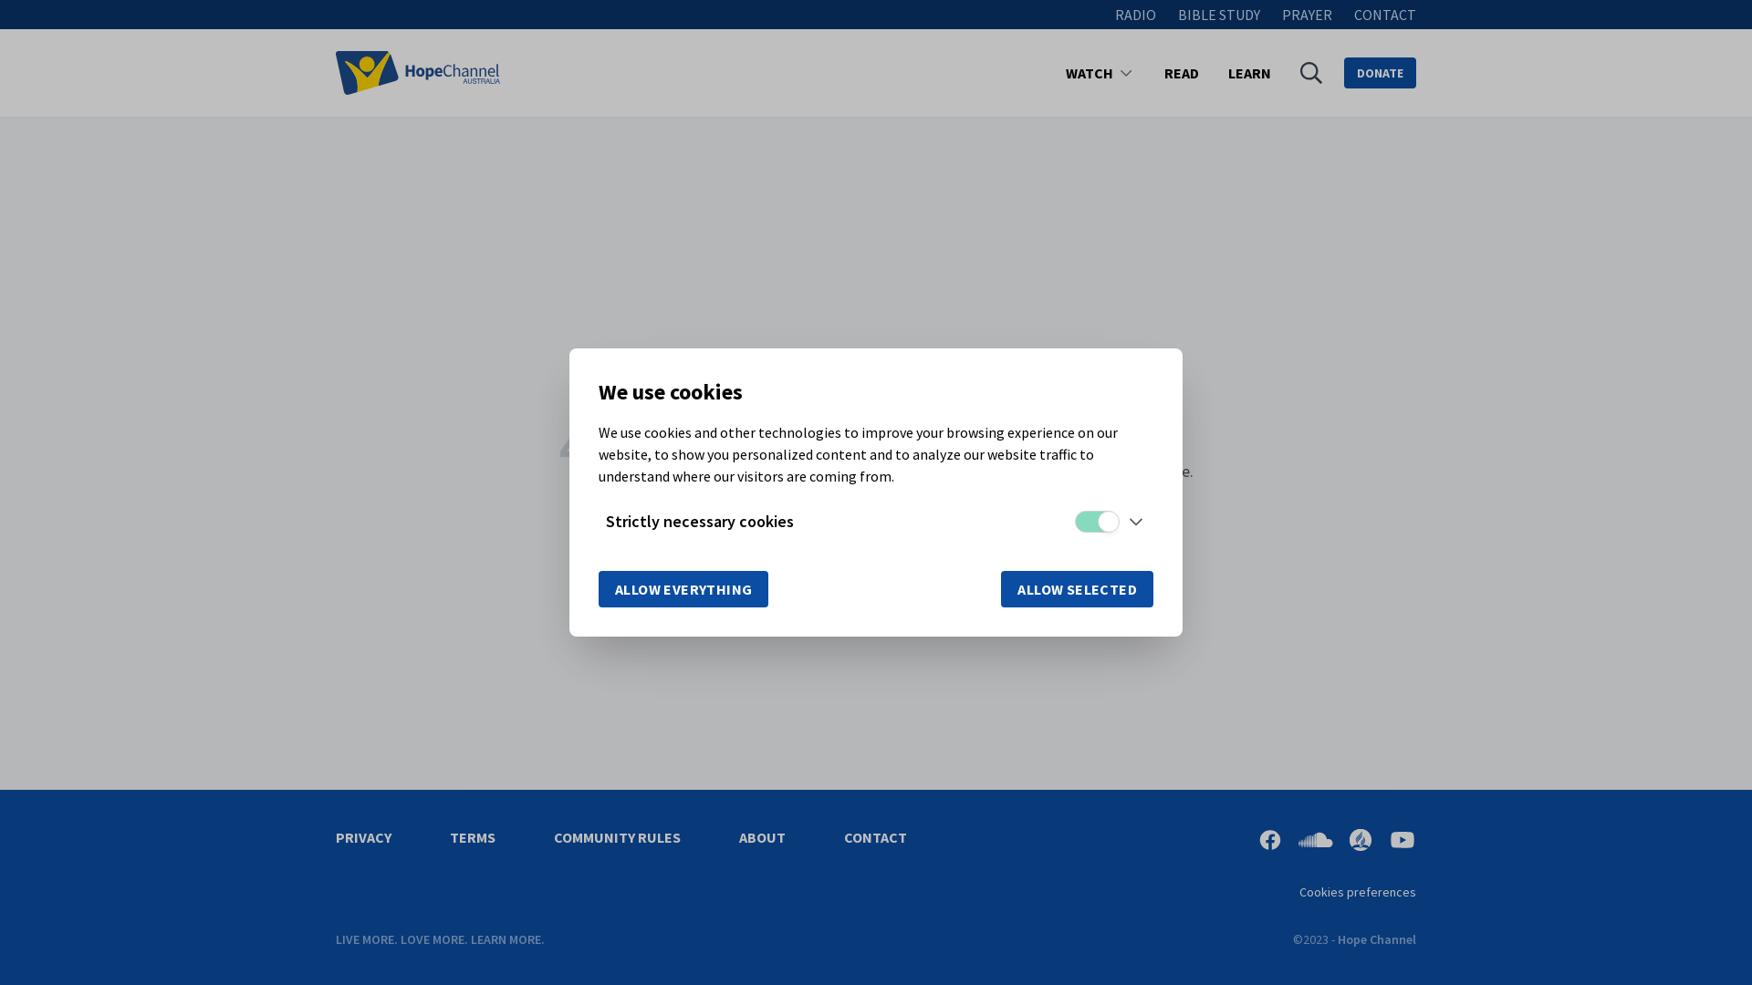 The image size is (1752, 985). Describe the element at coordinates (1077, 588) in the screenshot. I see `'ALLOW SELECTED'` at that location.